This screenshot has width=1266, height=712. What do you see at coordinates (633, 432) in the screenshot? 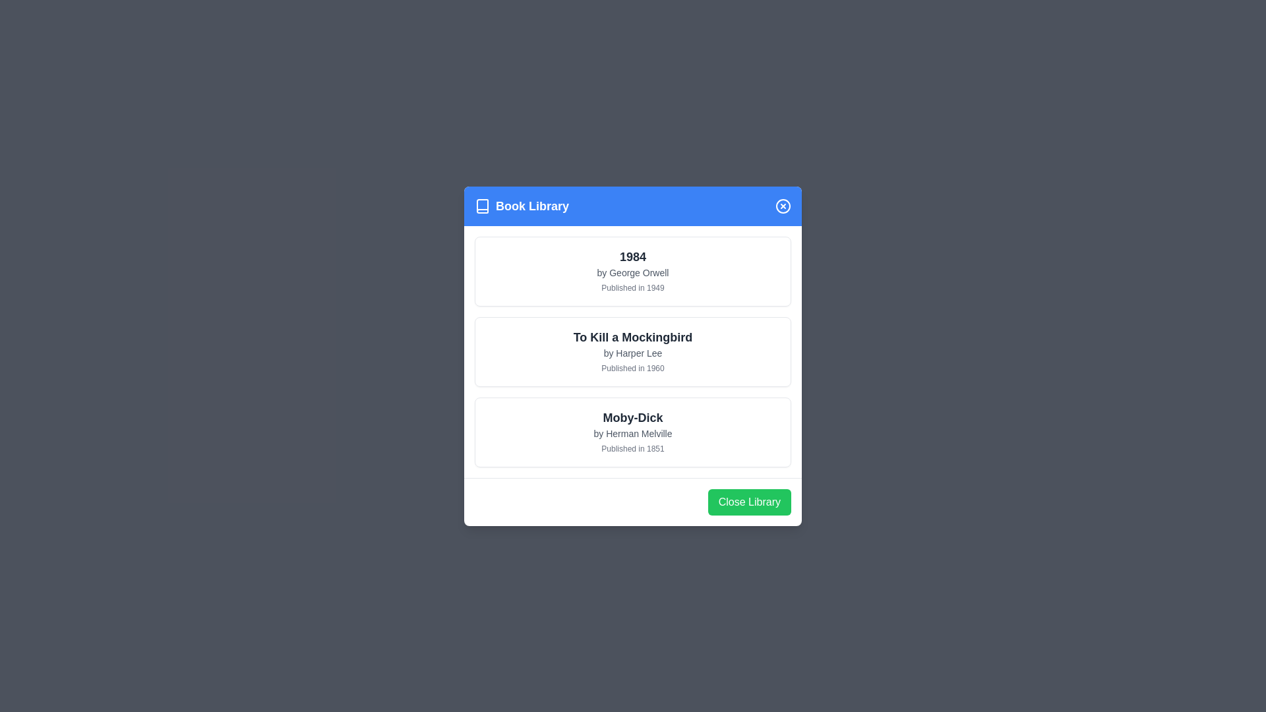
I see `the book card Moby-Dick to observe the shadow effect` at bounding box center [633, 432].